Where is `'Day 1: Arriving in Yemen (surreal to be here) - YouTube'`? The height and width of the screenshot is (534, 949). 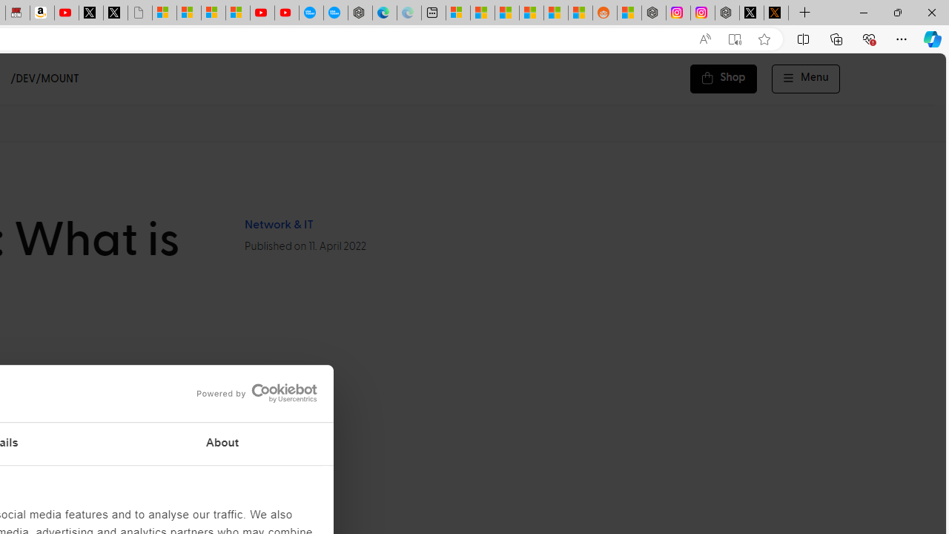 'Day 1: Arriving in Yemen (surreal to be here) - YouTube' is located at coordinates (66, 13).